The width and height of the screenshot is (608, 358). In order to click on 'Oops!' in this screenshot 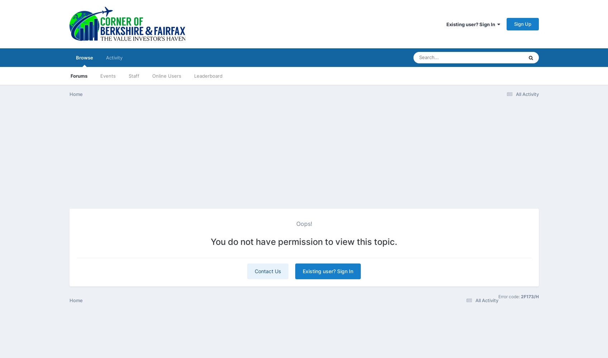, I will do `click(303, 224)`.